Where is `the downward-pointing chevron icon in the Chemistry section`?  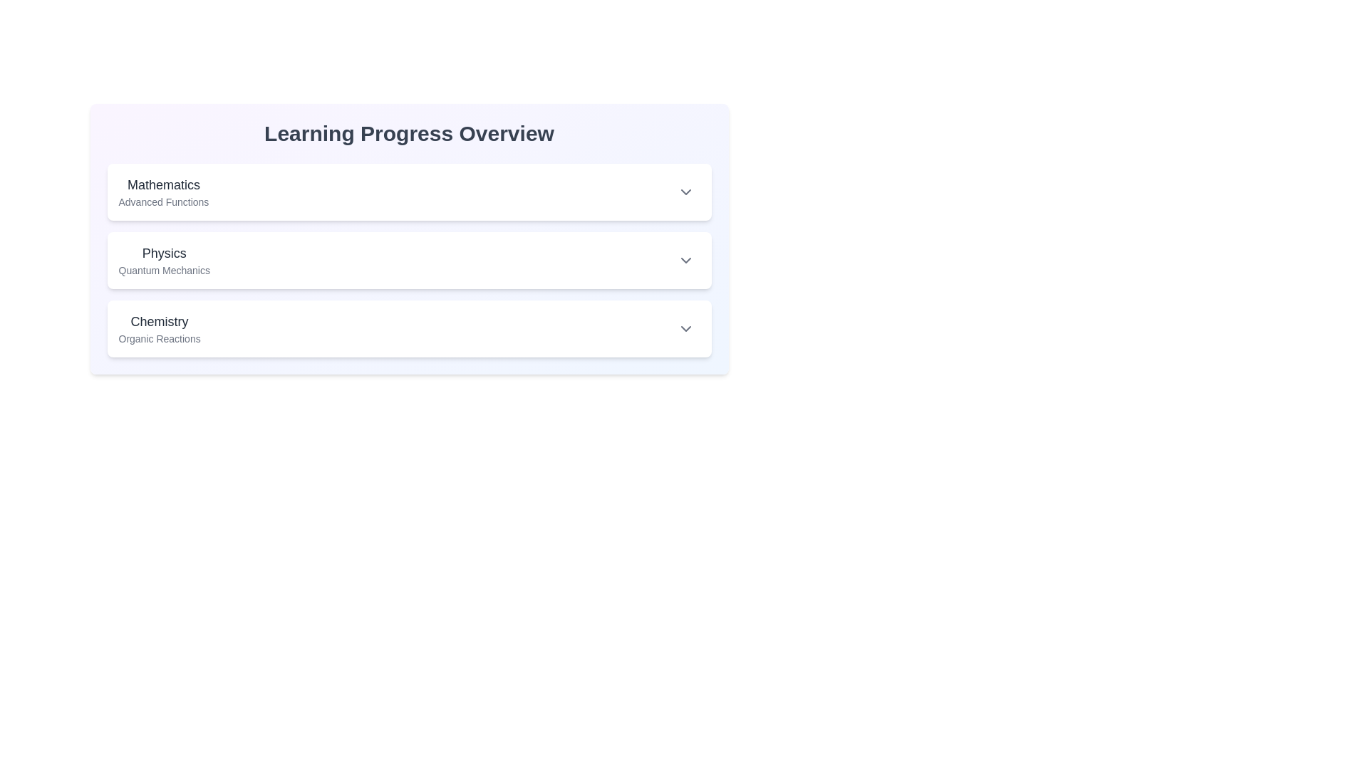 the downward-pointing chevron icon in the Chemistry section is located at coordinates (685, 329).